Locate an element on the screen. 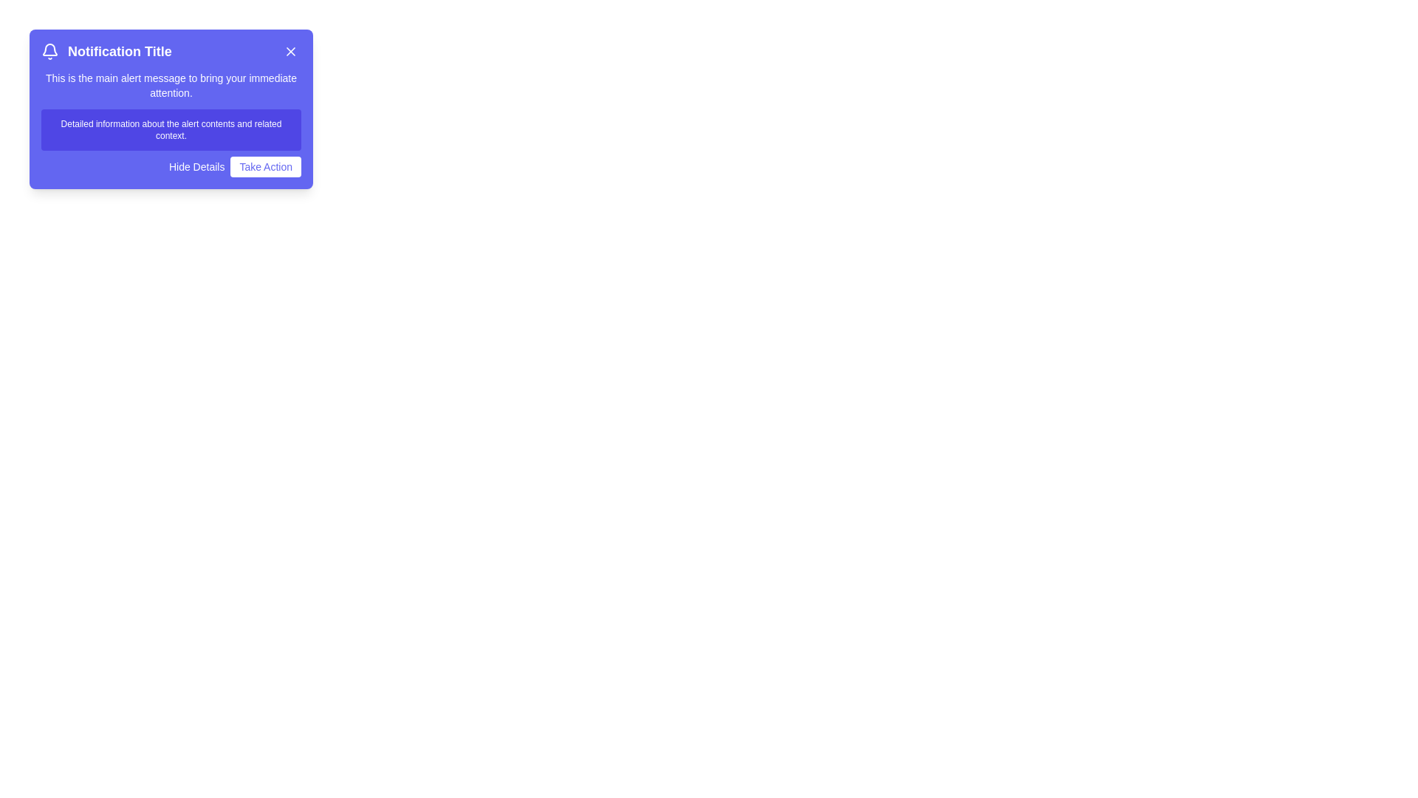 Image resolution: width=1418 pixels, height=798 pixels. the 'Hide Details' button to toggle the visibility of the details section is located at coordinates (195, 166).